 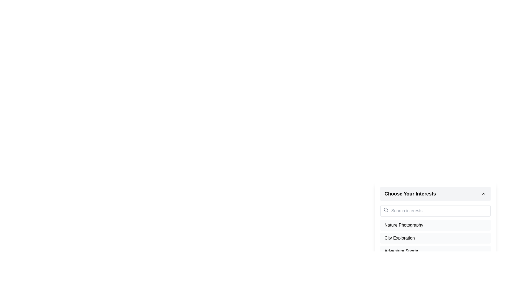 What do you see at coordinates (435, 237) in the screenshot?
I see `the second list item labeled 'City Exploration', which is highlighted when hovered over` at bounding box center [435, 237].